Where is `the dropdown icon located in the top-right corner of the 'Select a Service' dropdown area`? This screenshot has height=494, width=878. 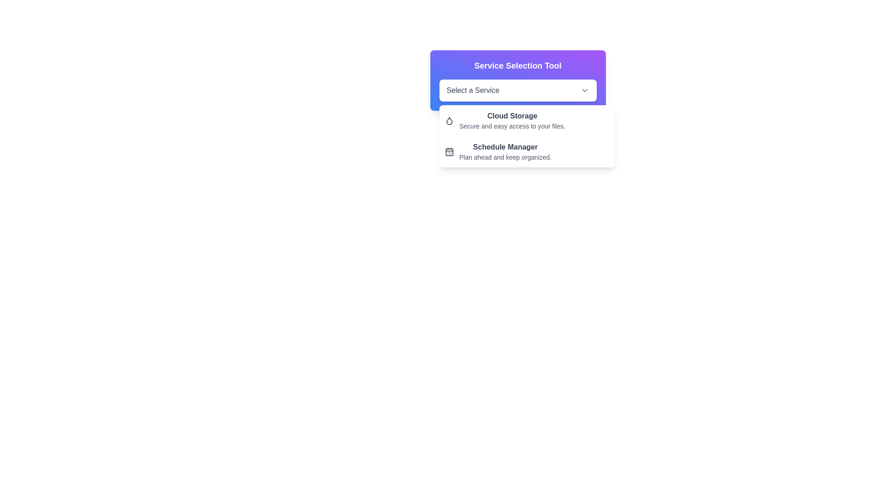 the dropdown icon located in the top-right corner of the 'Select a Service' dropdown area is located at coordinates (584, 90).